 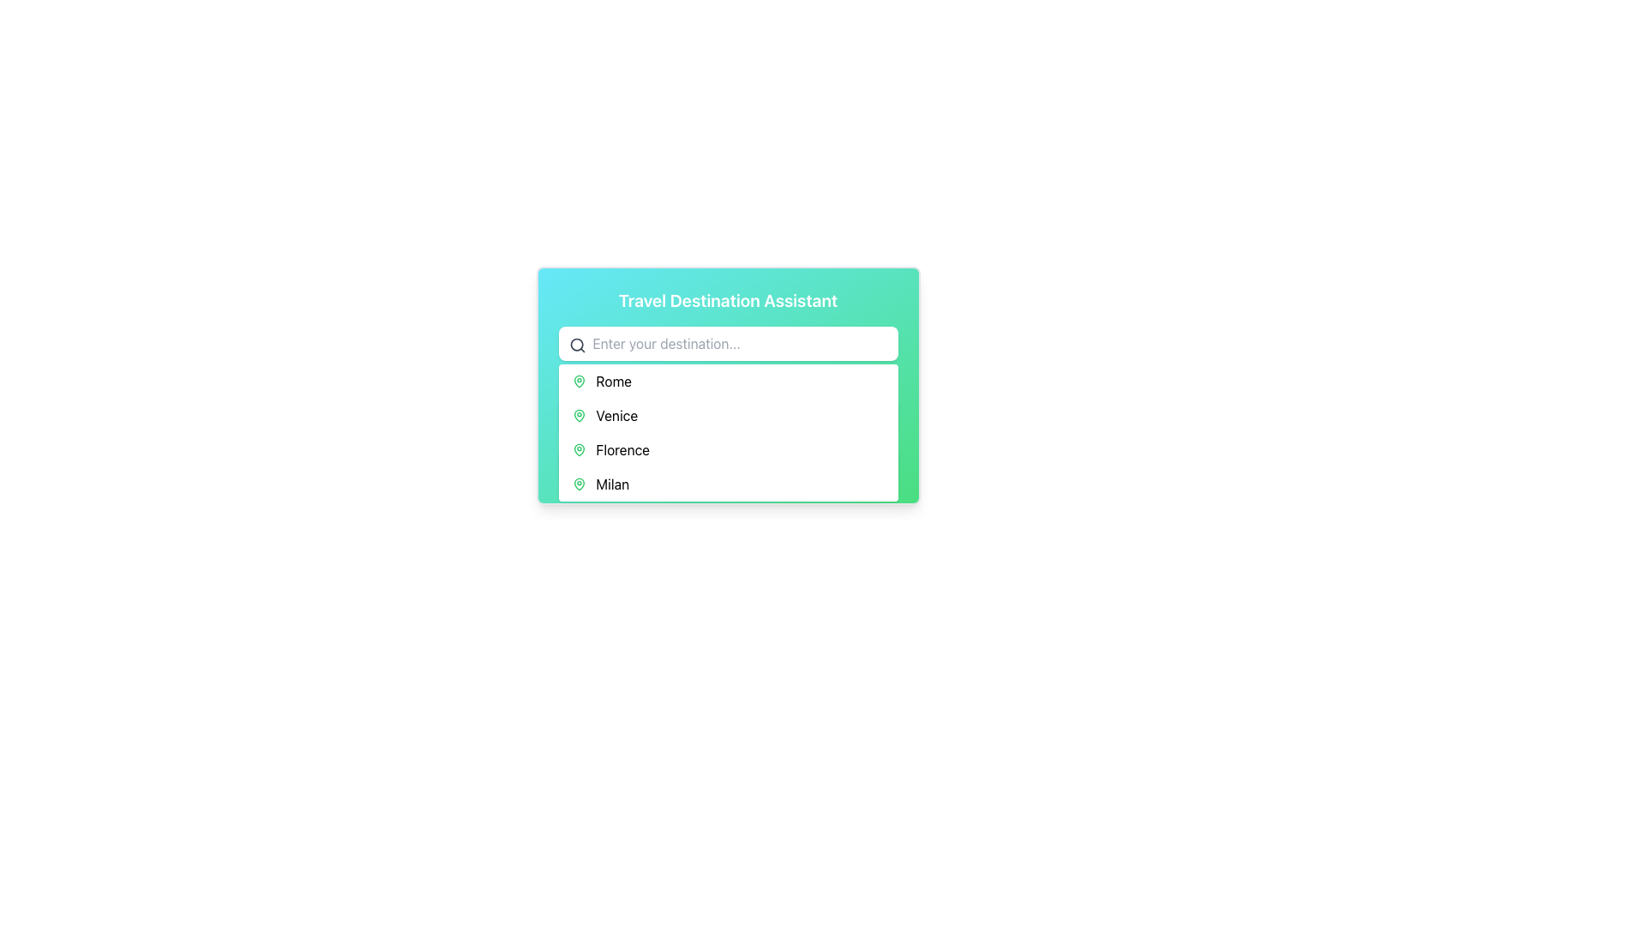 What do you see at coordinates (579, 448) in the screenshot?
I see `the map pin icon associated with the list item labeled 'Florence' in the dropdown menu, which serves as a visual identifier for the selectable option` at bounding box center [579, 448].